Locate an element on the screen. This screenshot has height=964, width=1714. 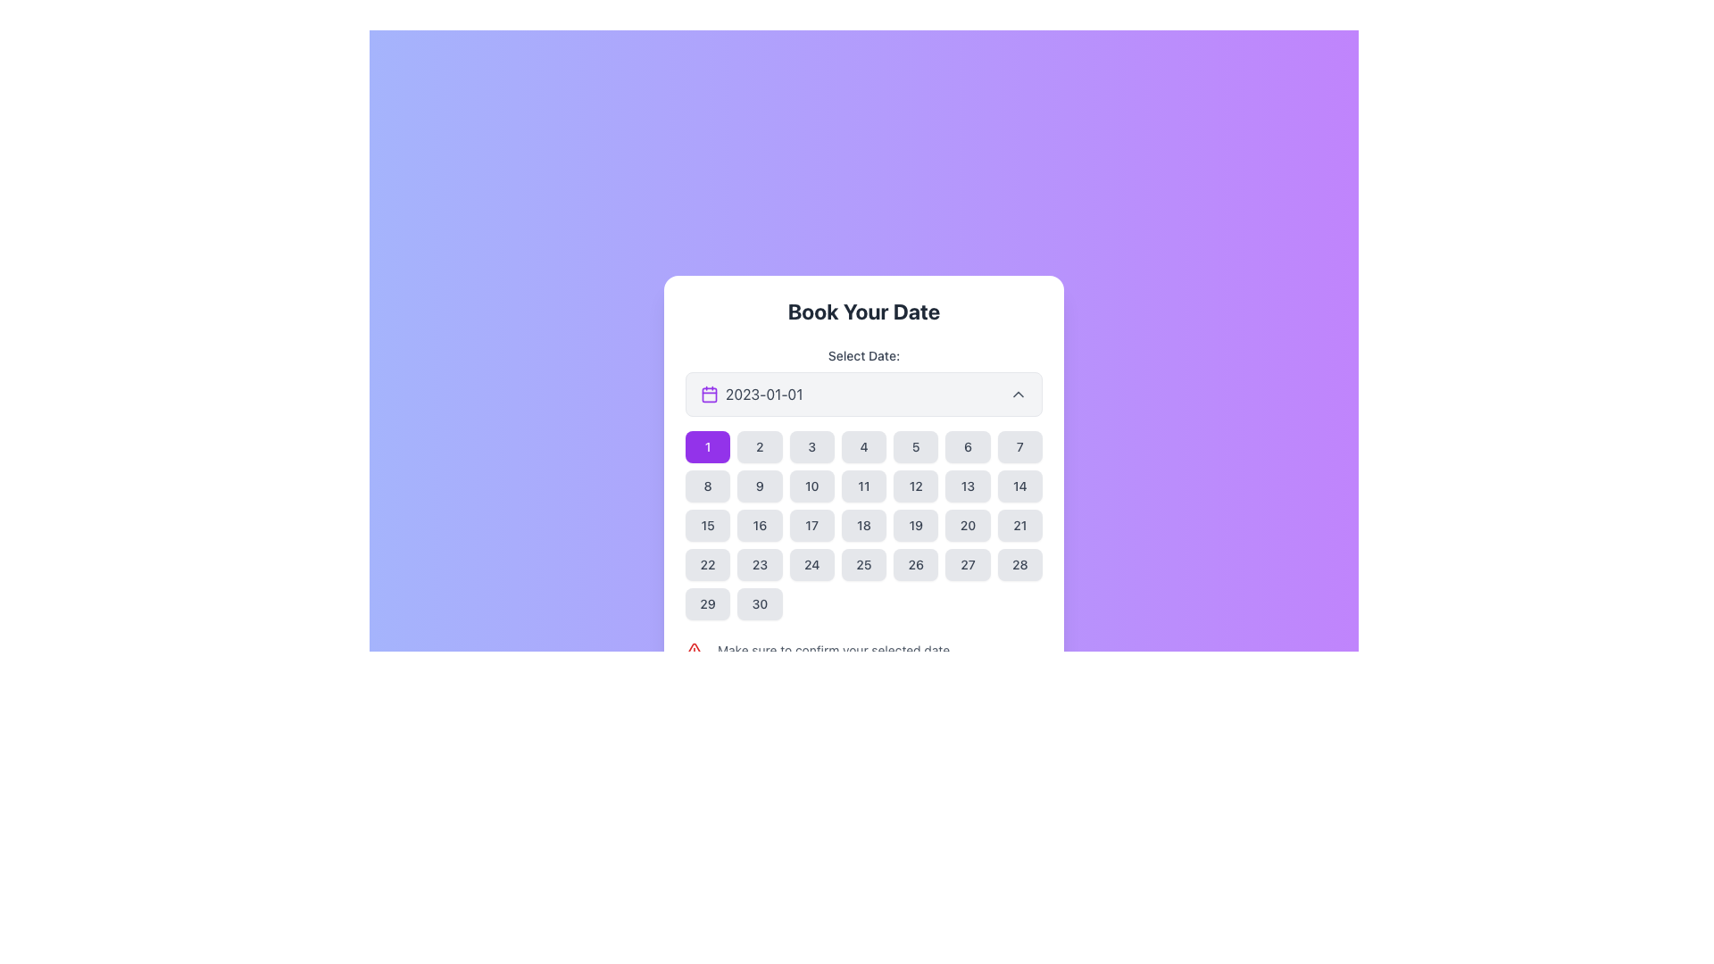
the small, rounded-rectangle button with a gray background and the text '7' is located at coordinates (1019, 446).